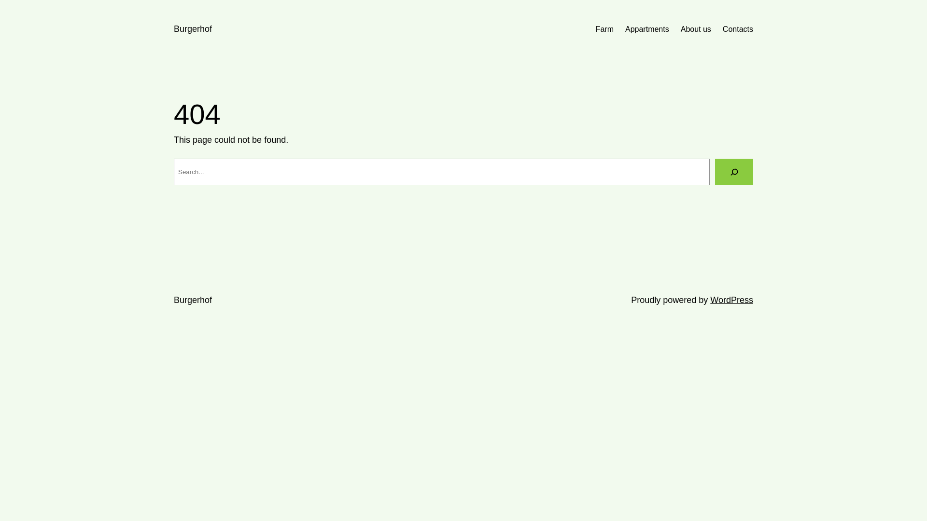 Image resolution: width=927 pixels, height=521 pixels. What do you see at coordinates (193, 299) in the screenshot?
I see `'Burgerhof'` at bounding box center [193, 299].